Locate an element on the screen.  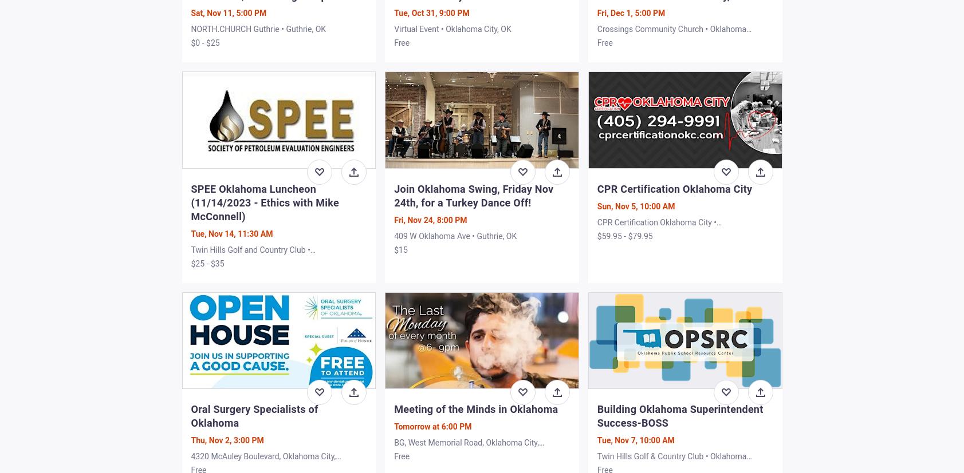
'Virtual Event • Oklahoma City, OK' is located at coordinates (452, 29).